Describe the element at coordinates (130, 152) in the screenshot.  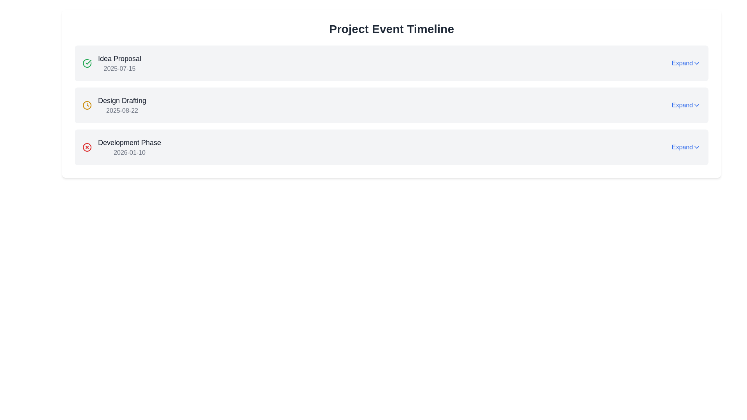
I see `the text label displaying the date '2026-01-10', which is part of the 'Development Phase' row and serves as a secondary label` at that location.